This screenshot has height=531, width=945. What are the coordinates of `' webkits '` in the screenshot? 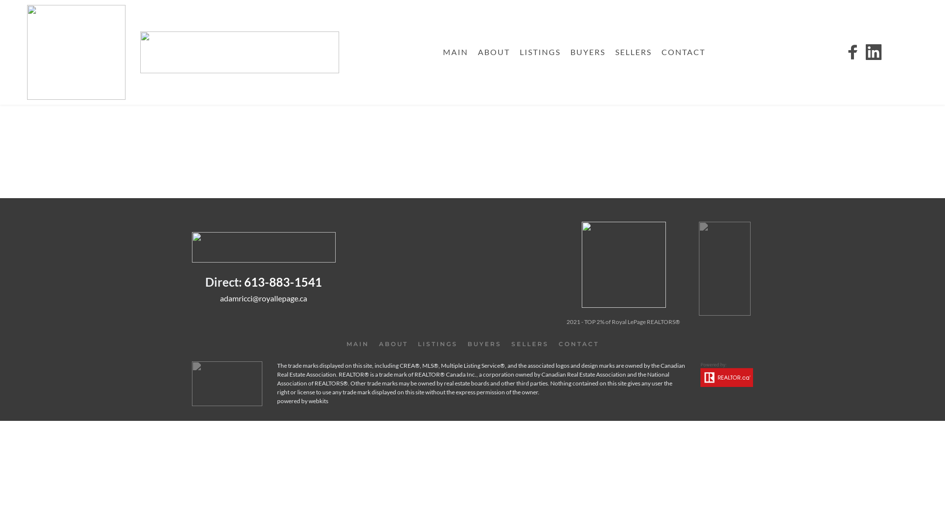 It's located at (318, 401).